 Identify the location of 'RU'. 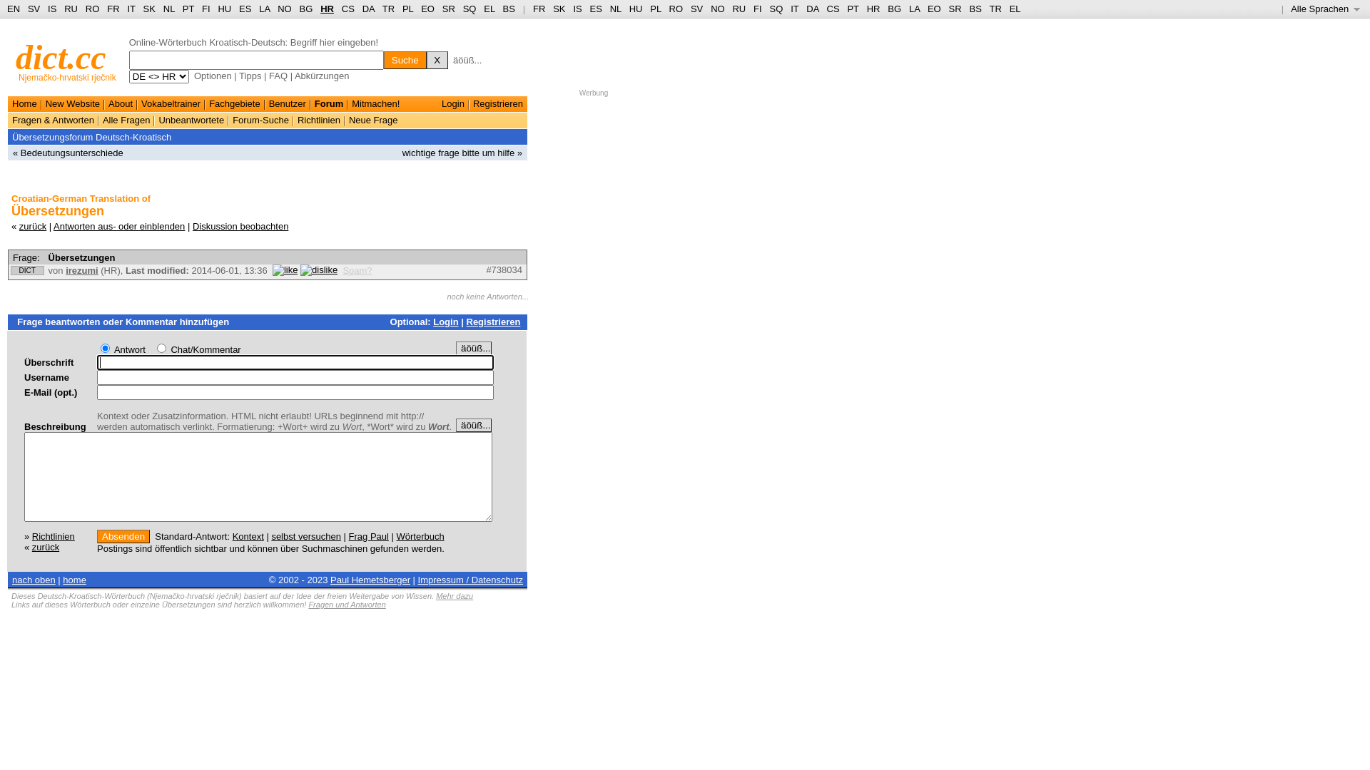
(739, 9).